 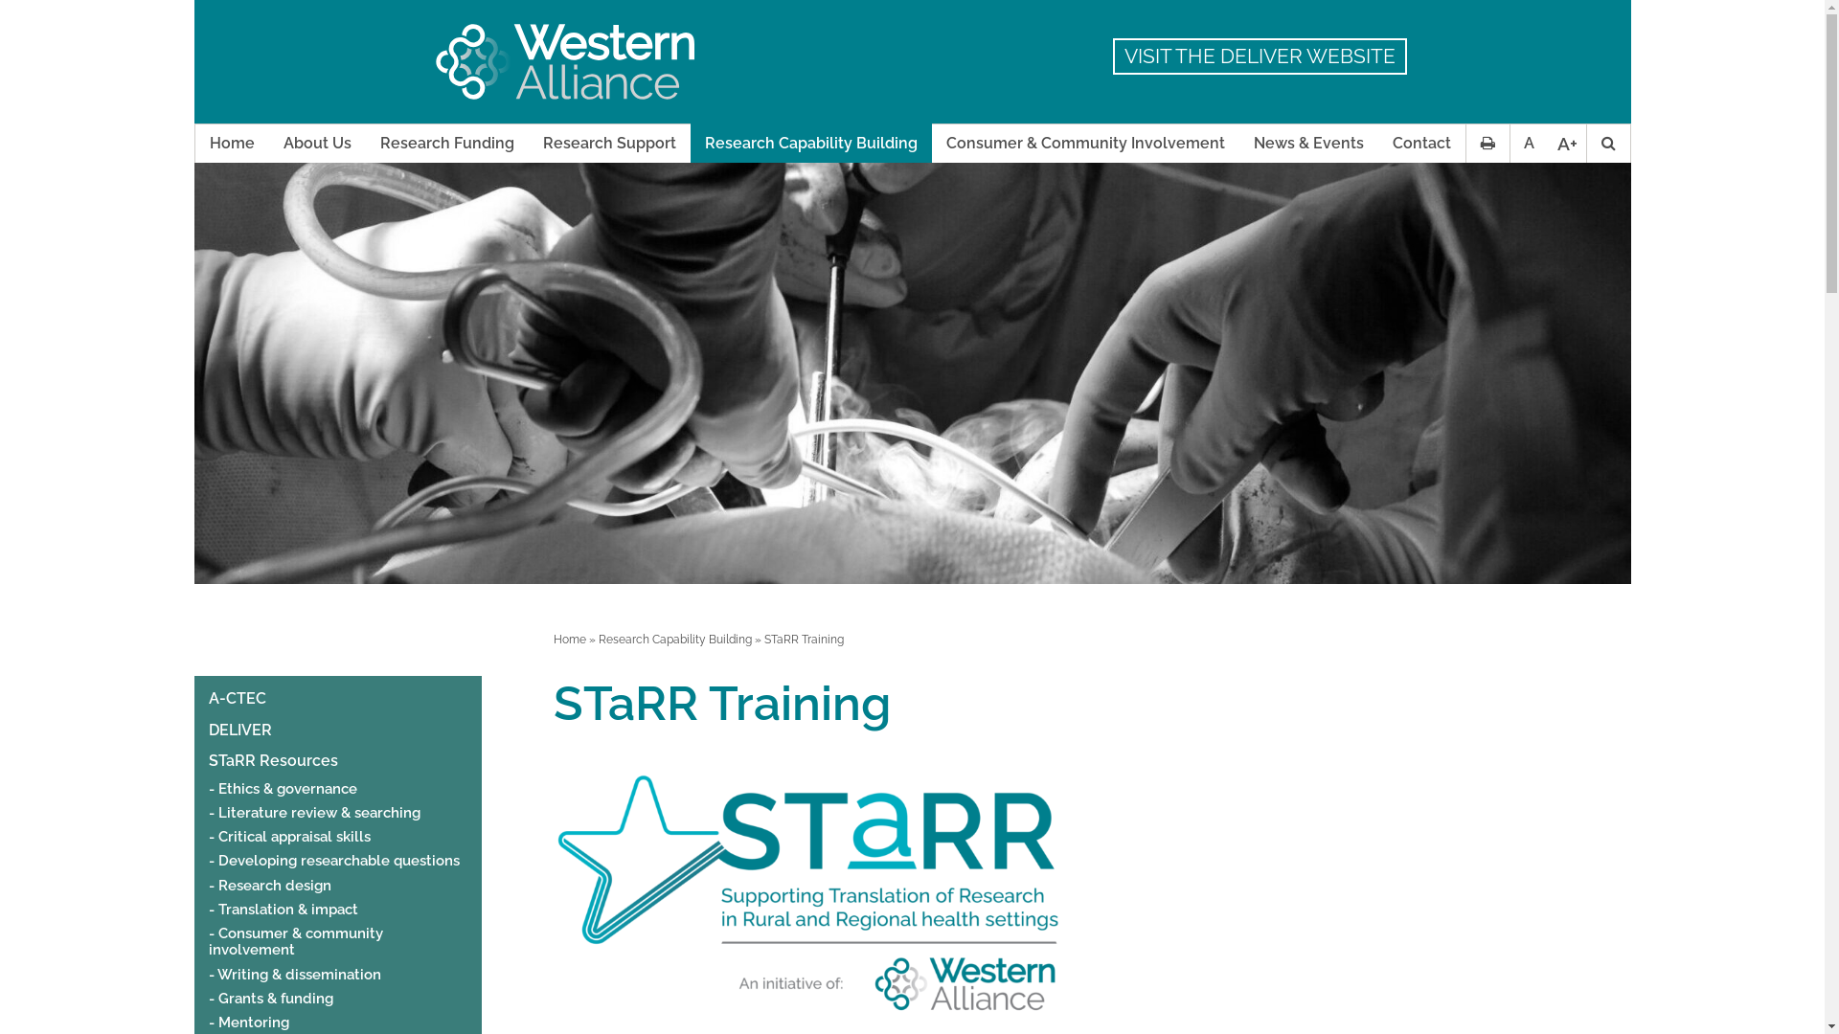 I want to click on 'A', so click(x=1528, y=143).